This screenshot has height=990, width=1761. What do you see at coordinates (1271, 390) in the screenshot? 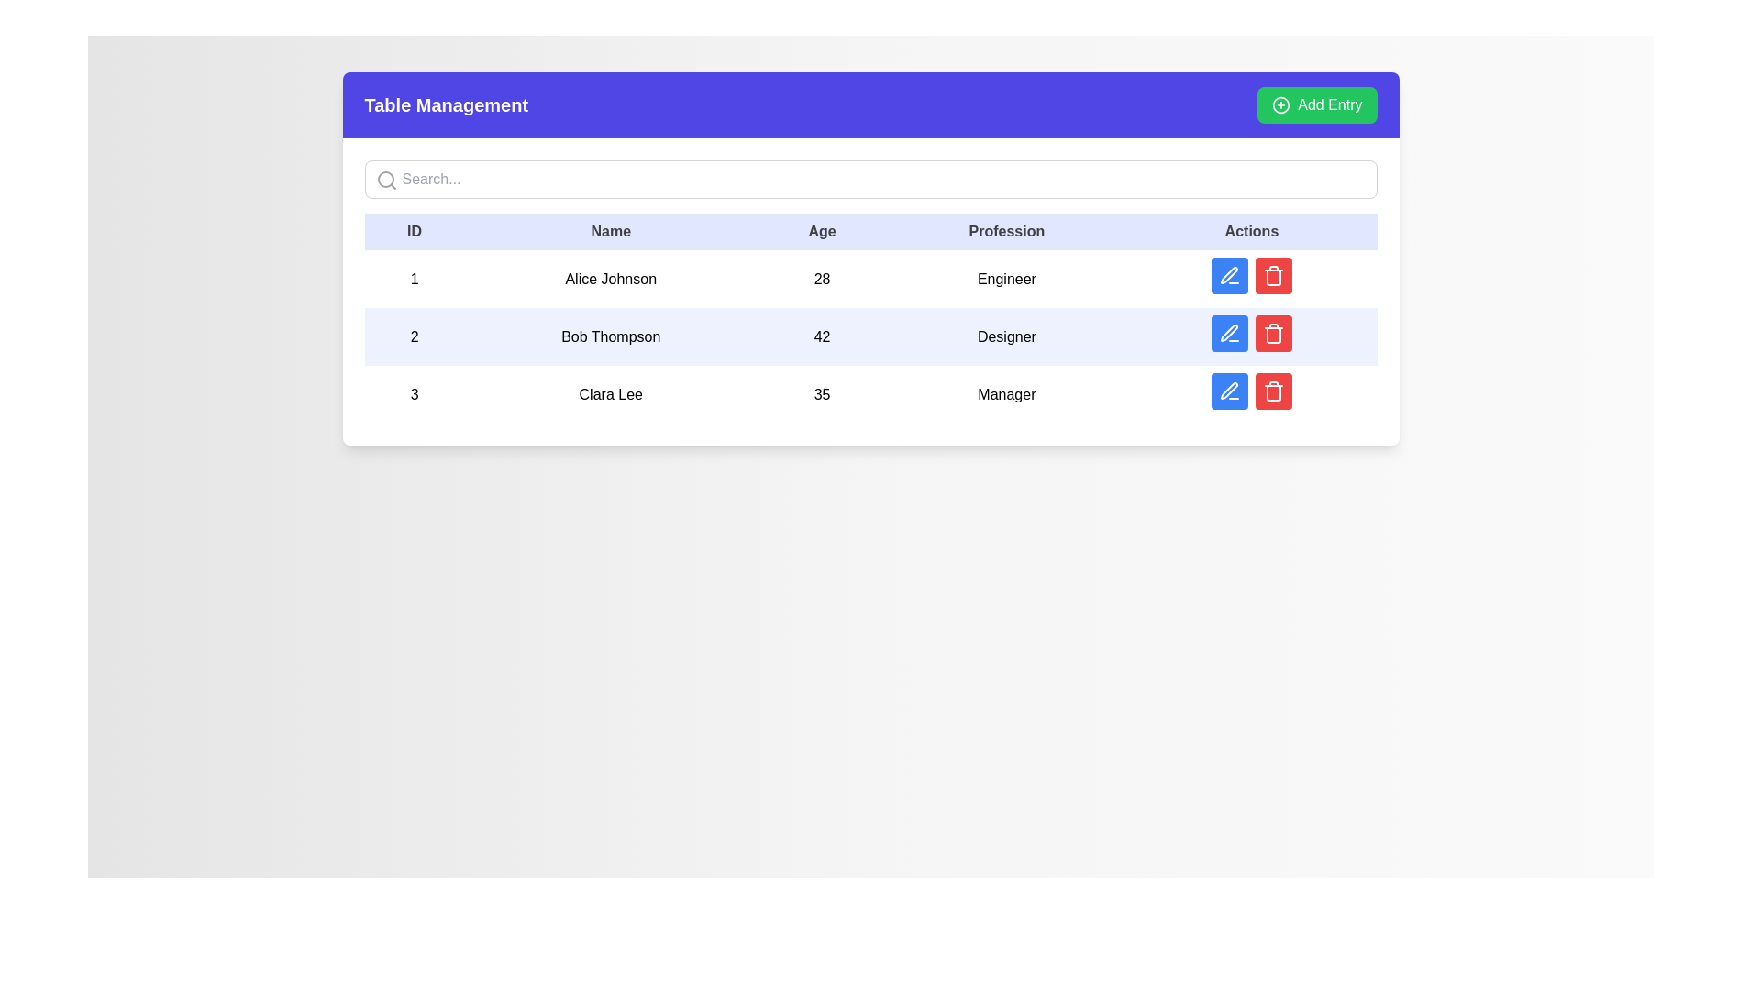
I see `the delete button located on the right side of the 'Actions' column in the second row of the table` at bounding box center [1271, 390].